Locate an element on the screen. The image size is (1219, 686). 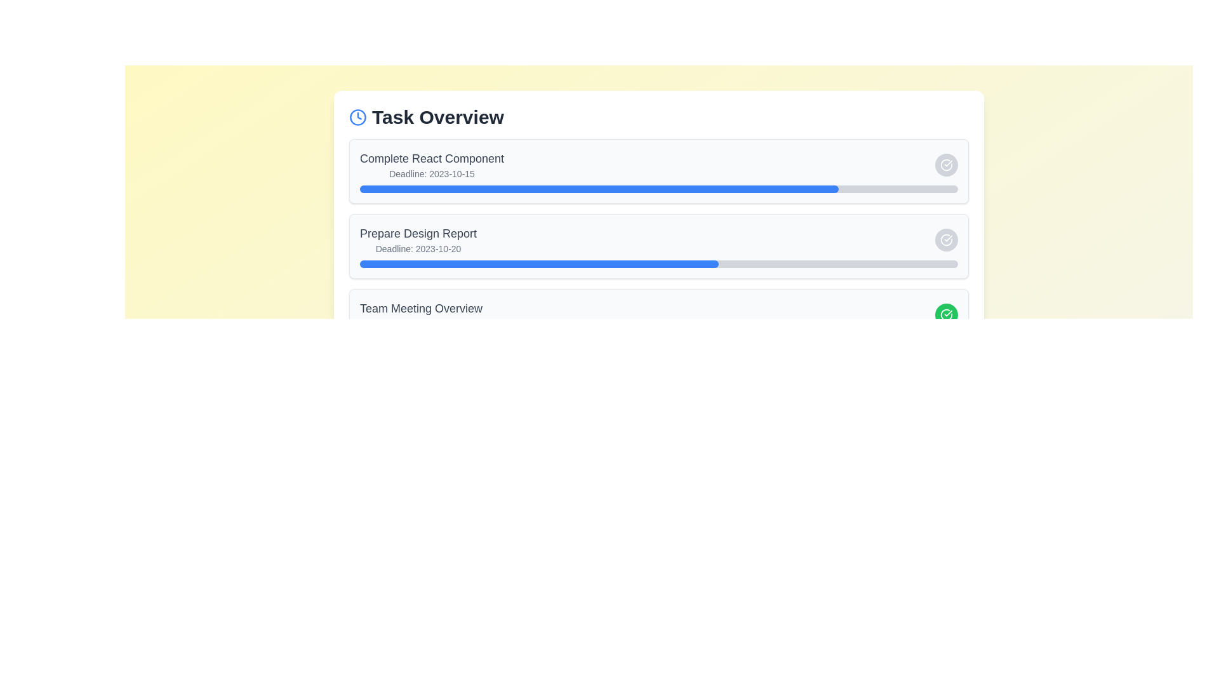
the progress bar segment representing 80% completion of the 'Complete React Component' task within the 'Task Overview' section is located at coordinates (598, 189).